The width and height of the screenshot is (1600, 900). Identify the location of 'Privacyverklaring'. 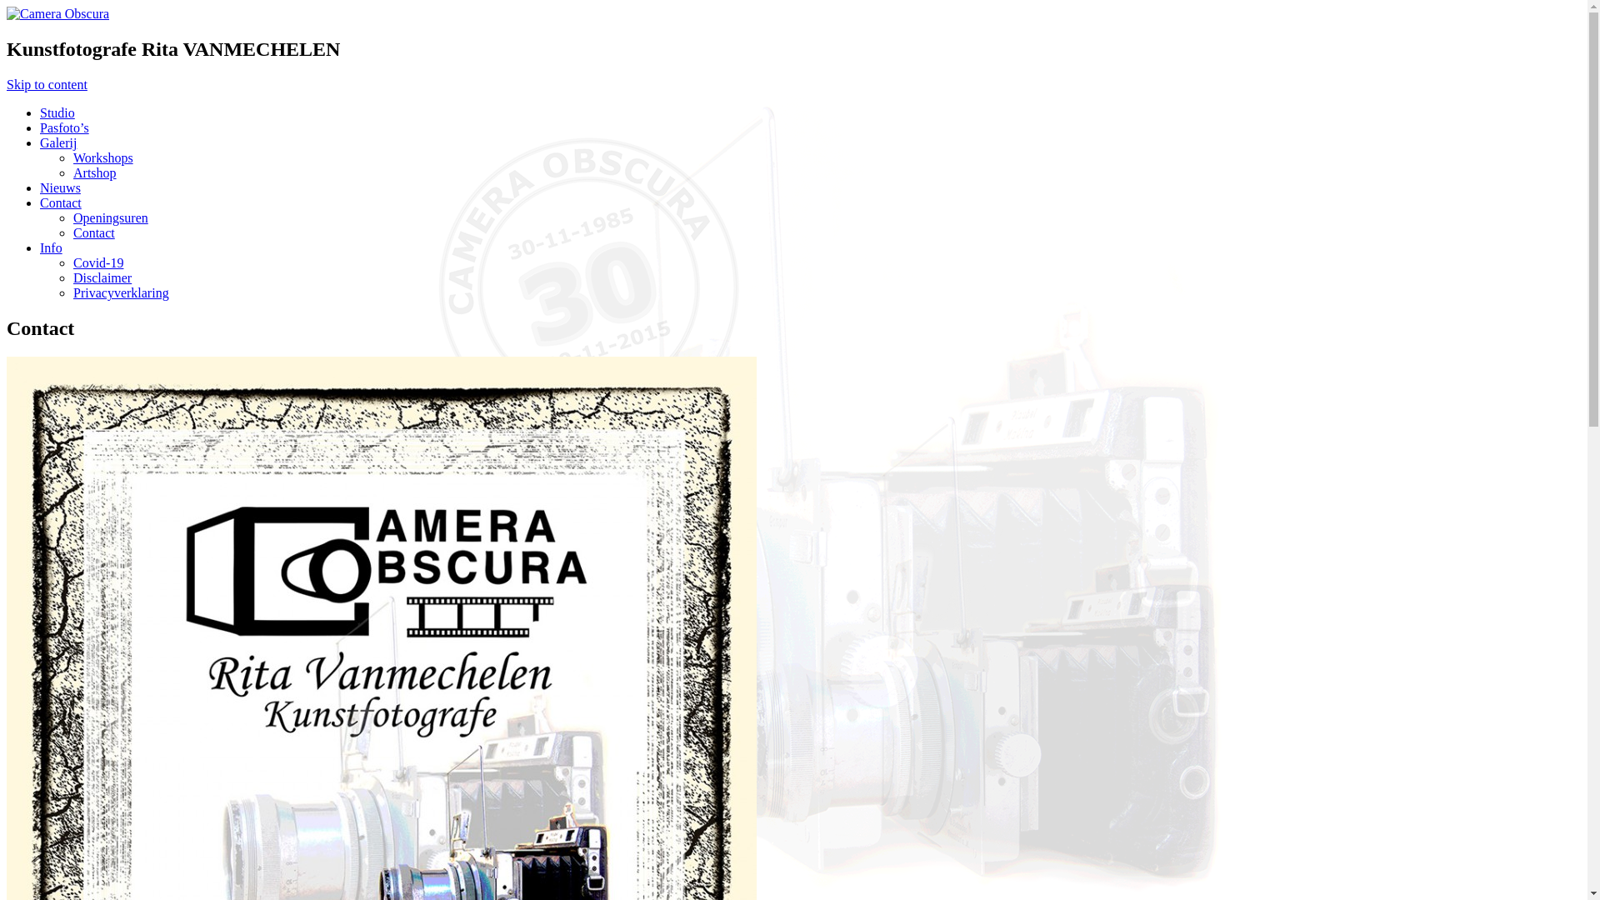
(120, 292).